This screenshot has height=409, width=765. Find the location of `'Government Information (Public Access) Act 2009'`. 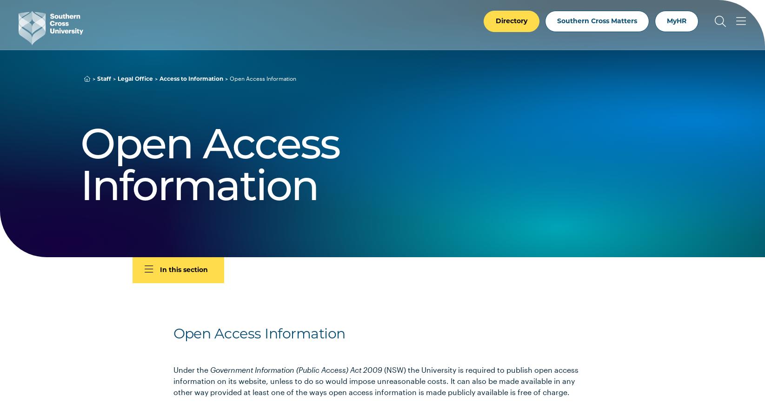

'Government Information (Public Access) Act 2009' is located at coordinates (295, 370).